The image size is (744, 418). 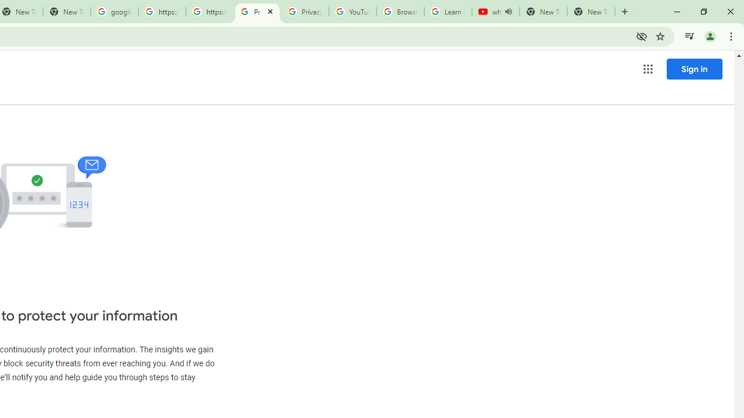 I want to click on 'Third-party cookies blocked', so click(x=641, y=35).